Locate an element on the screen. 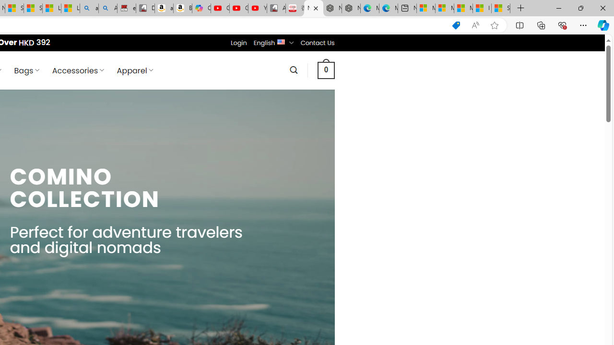  'This site has coupons! Shopping in Microsoft Edge' is located at coordinates (456, 25).